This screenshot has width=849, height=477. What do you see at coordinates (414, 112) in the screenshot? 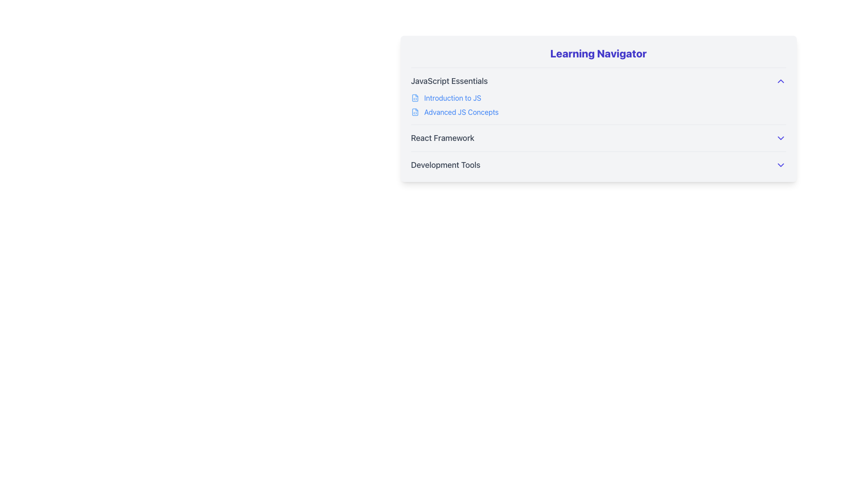
I see `the blue file document icon located to the left of the 'Advanced JS Concepts' label in the 'JavaScript Essentials' section` at bounding box center [414, 112].